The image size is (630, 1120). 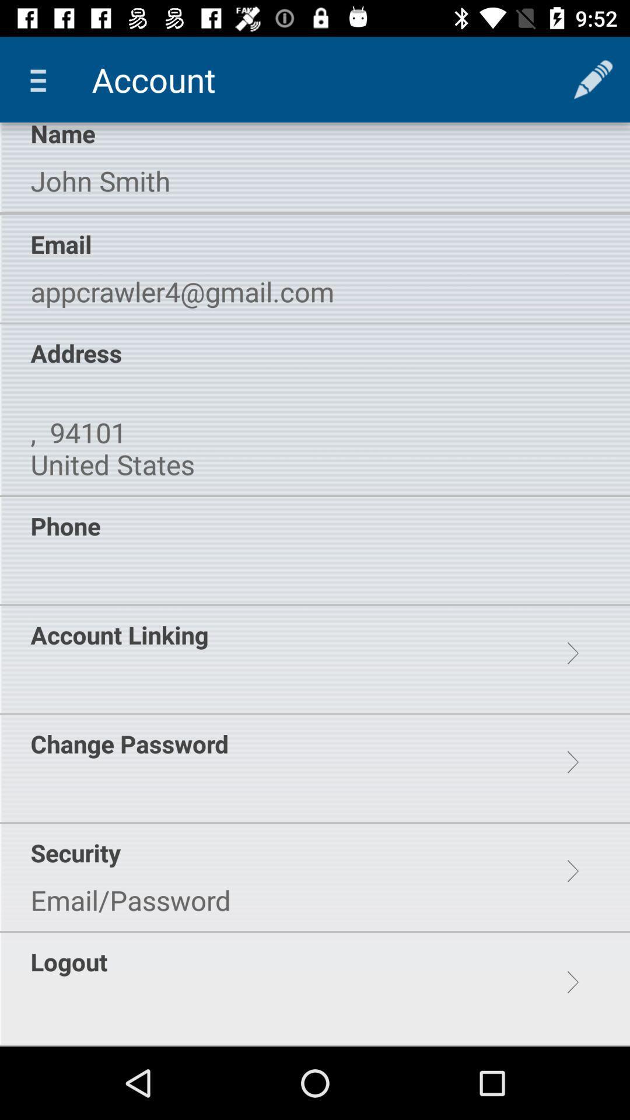 I want to click on the icon next to account item, so click(x=42, y=79).